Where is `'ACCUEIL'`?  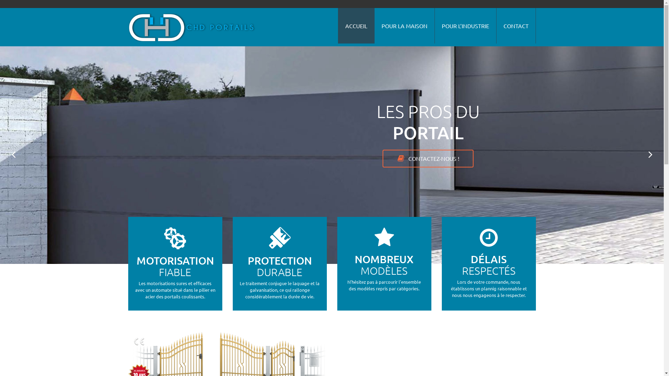
'ACCUEIL' is located at coordinates (356, 25).